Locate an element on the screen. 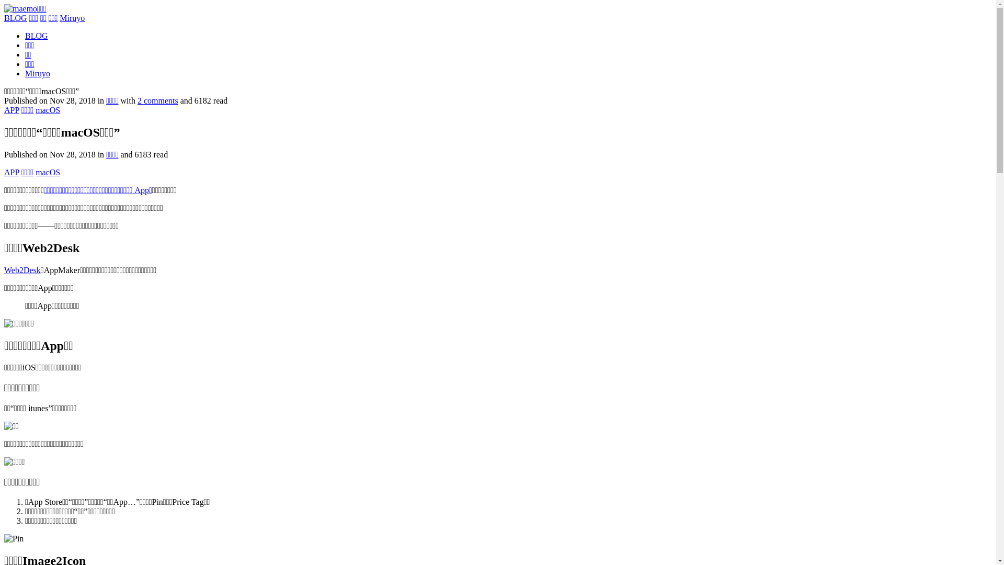 The width and height of the screenshot is (1004, 565). '2 comments' is located at coordinates (137, 100).